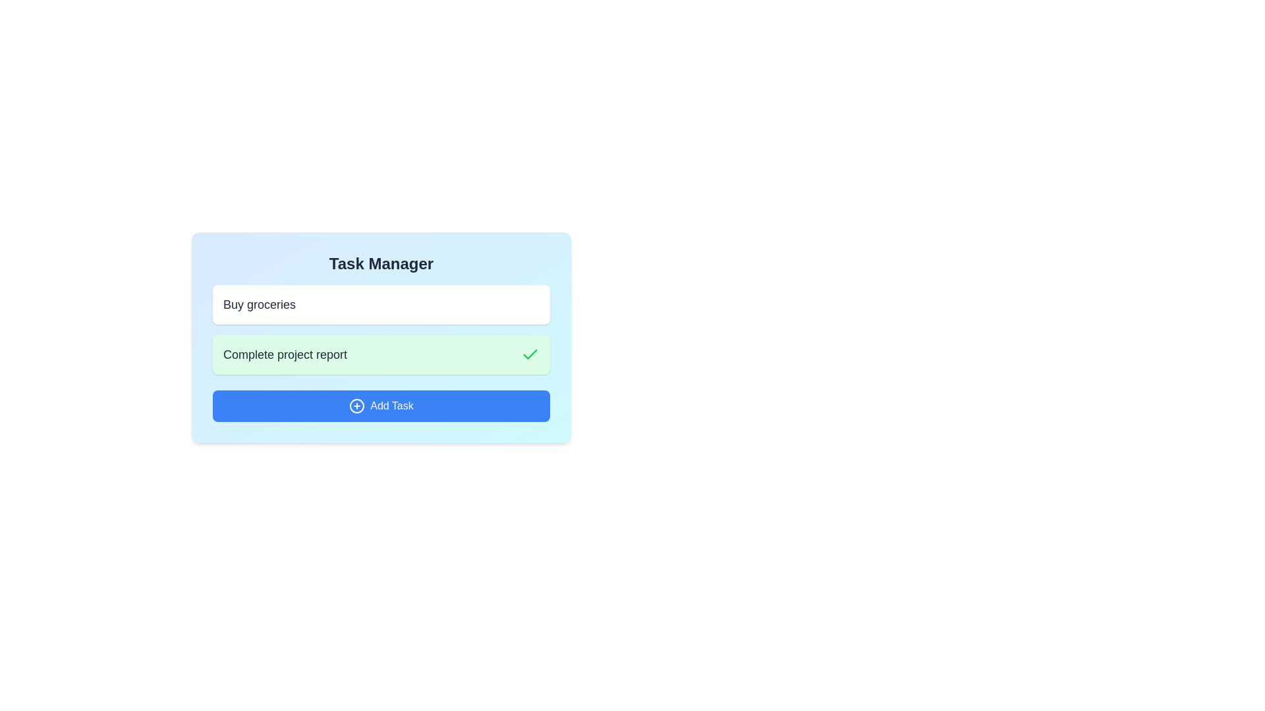 The height and width of the screenshot is (711, 1265). I want to click on 'Add Task' button to add a new task, so click(381, 406).